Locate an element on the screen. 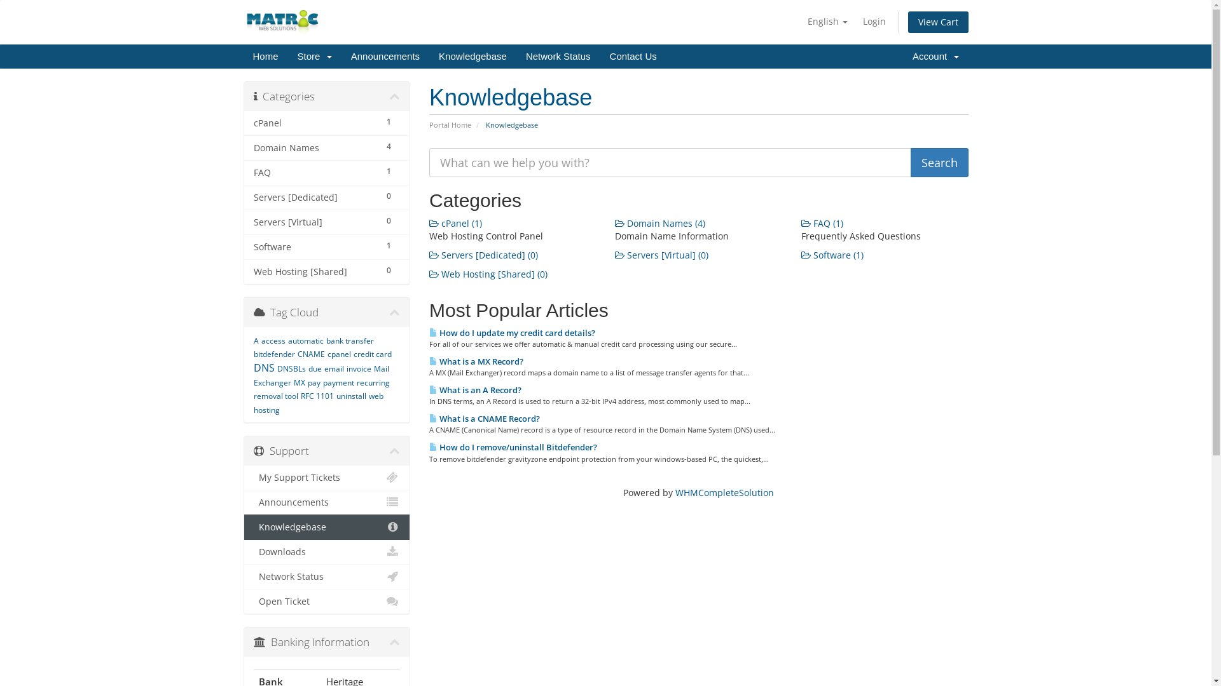  'Servers [Dedicated] (0)' is located at coordinates (483, 255).